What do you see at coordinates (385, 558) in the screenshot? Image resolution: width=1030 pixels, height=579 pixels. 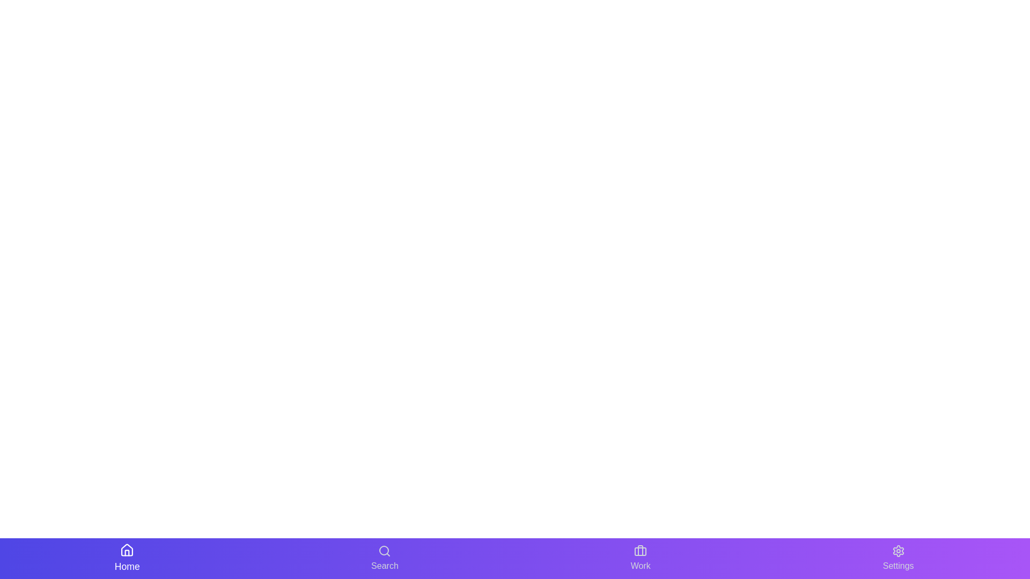 I see `the Search button to navigate to the respective section` at bounding box center [385, 558].